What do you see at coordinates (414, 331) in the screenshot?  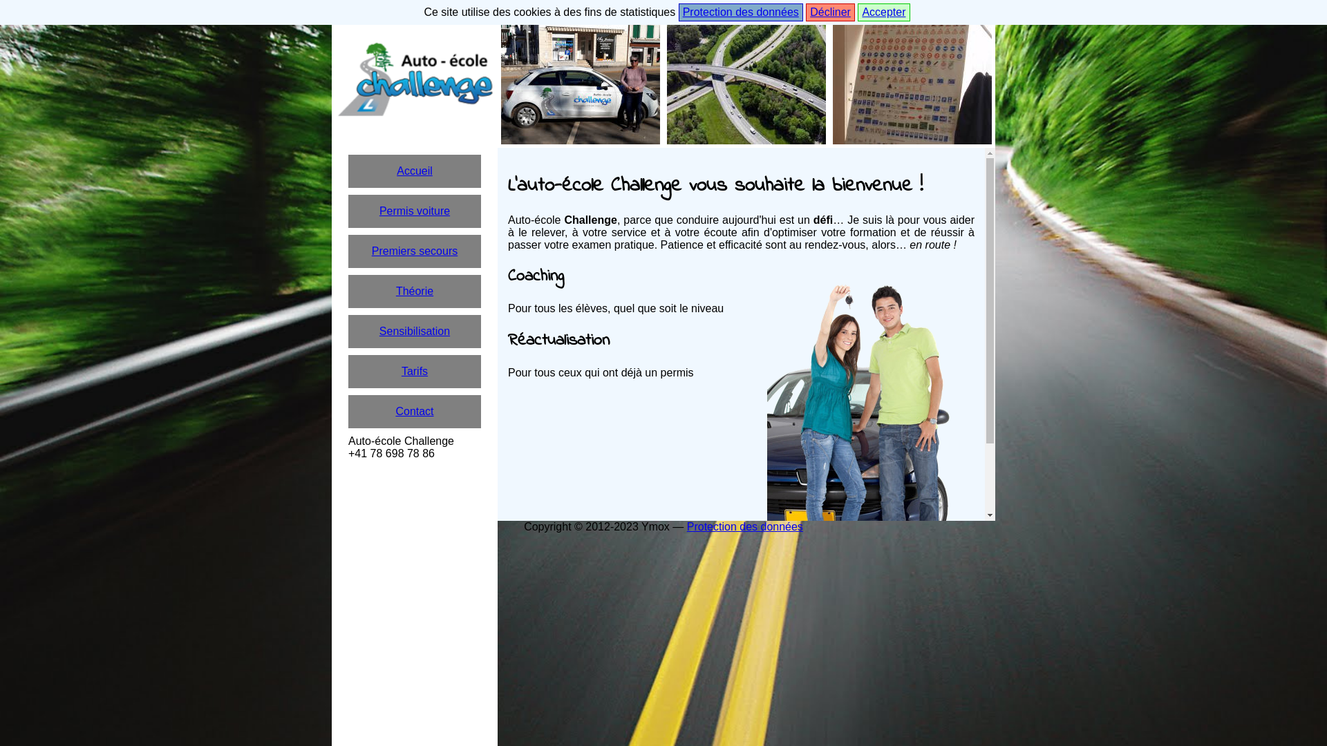 I see `'Sensibilisation'` at bounding box center [414, 331].